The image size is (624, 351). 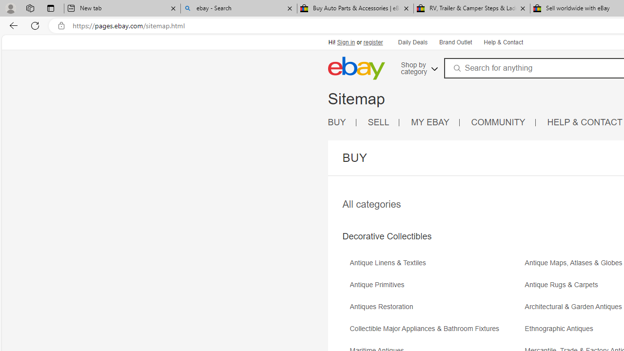 I want to click on 'HELP & CONTACT', so click(x=585, y=121).